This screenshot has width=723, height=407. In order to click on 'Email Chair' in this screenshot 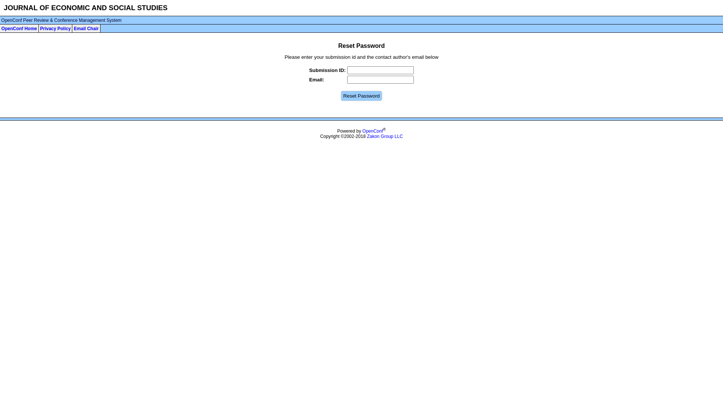, I will do `click(86, 28)`.